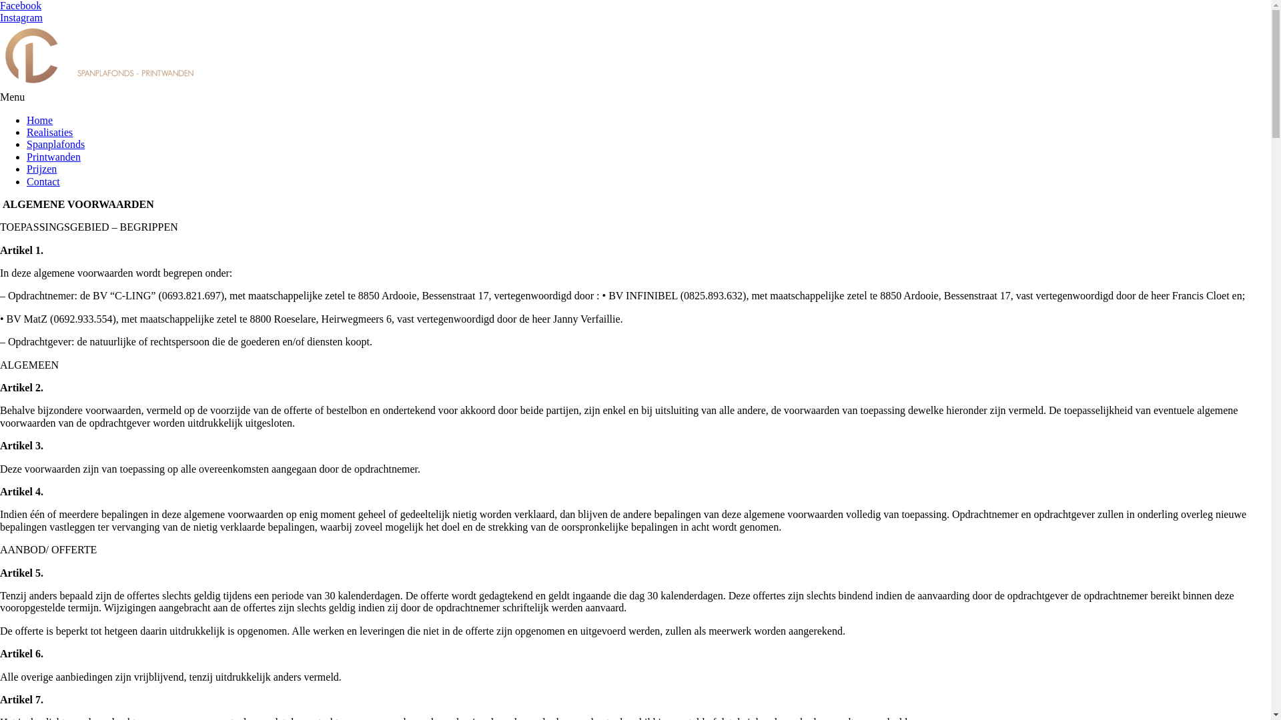 This screenshot has height=720, width=1281. I want to click on 'Facebook', so click(20, 5).